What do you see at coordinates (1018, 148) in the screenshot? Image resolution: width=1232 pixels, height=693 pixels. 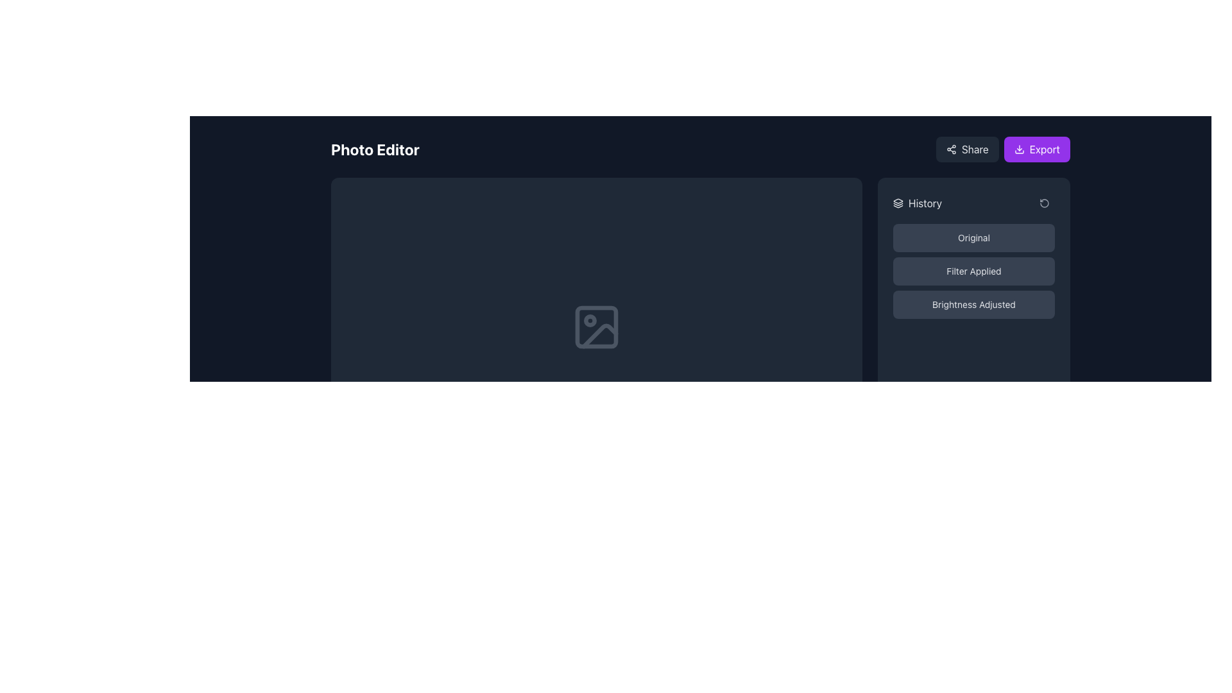 I see `the download icon located within the purple 'Export' button in the top-right corner of the interface to initiate an export action` at bounding box center [1018, 148].